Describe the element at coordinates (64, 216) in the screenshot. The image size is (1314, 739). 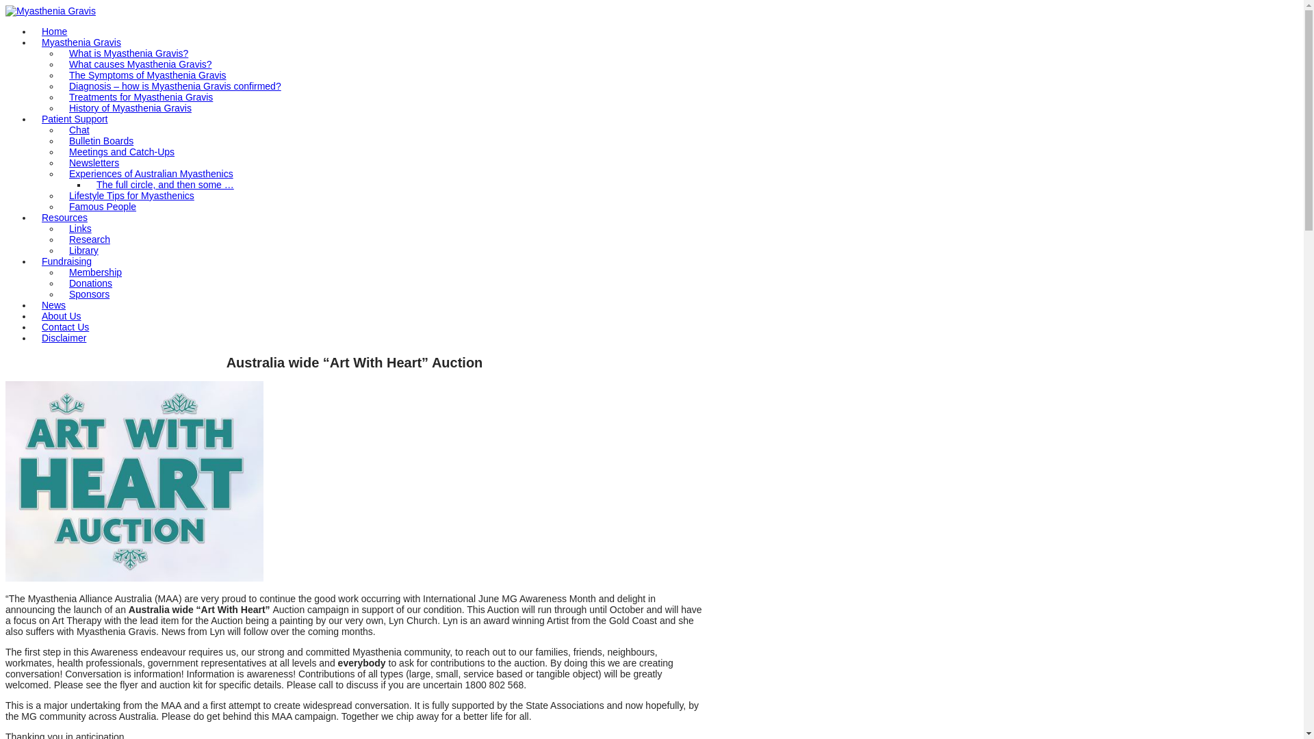
I see `'Resources'` at that location.